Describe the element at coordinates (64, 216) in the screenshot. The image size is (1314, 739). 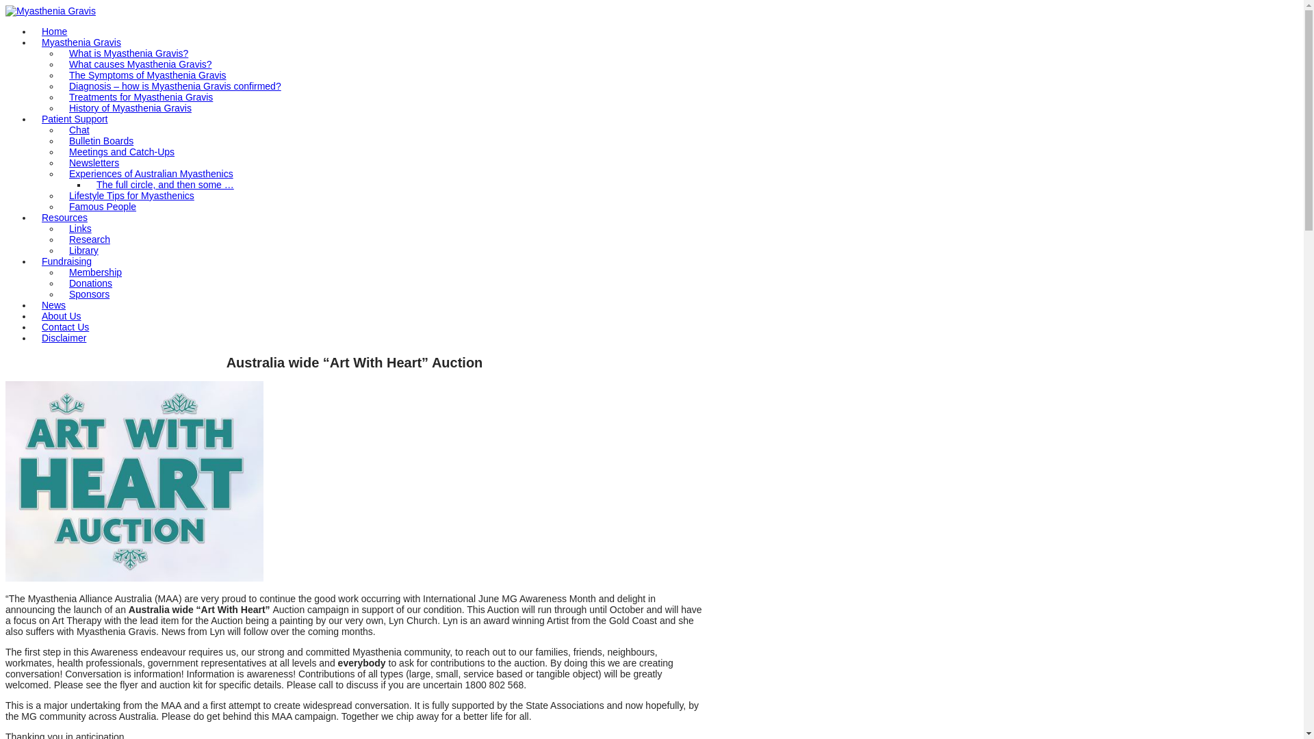
I see `'Resources'` at that location.